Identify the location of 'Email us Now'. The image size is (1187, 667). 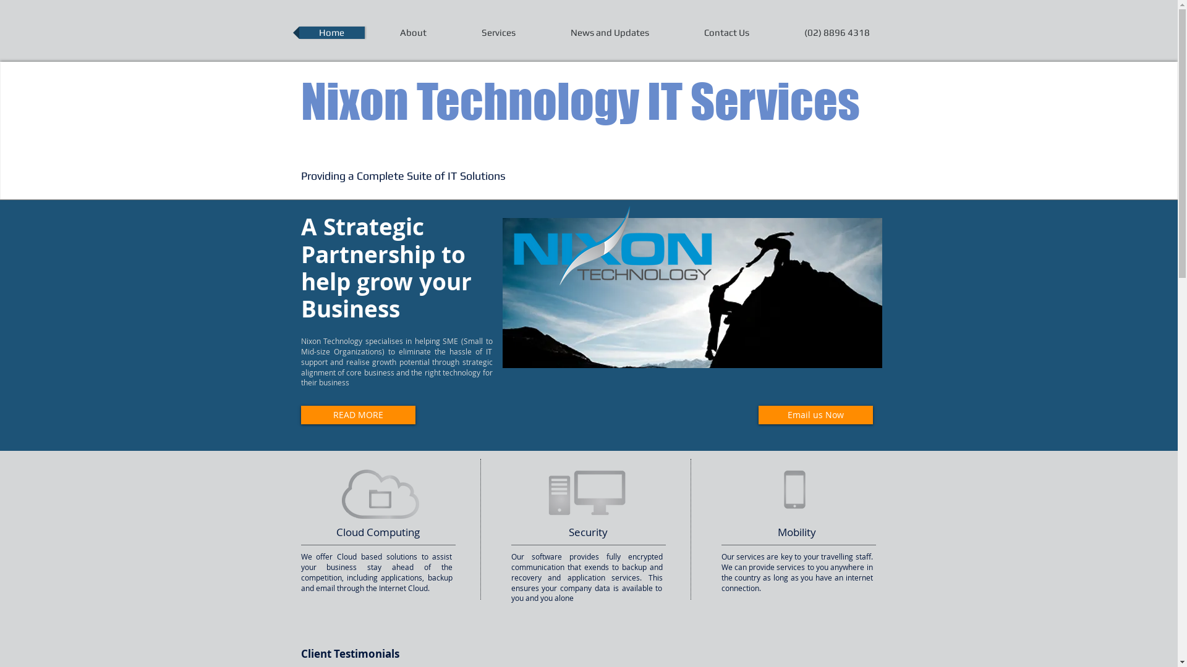
(815, 414).